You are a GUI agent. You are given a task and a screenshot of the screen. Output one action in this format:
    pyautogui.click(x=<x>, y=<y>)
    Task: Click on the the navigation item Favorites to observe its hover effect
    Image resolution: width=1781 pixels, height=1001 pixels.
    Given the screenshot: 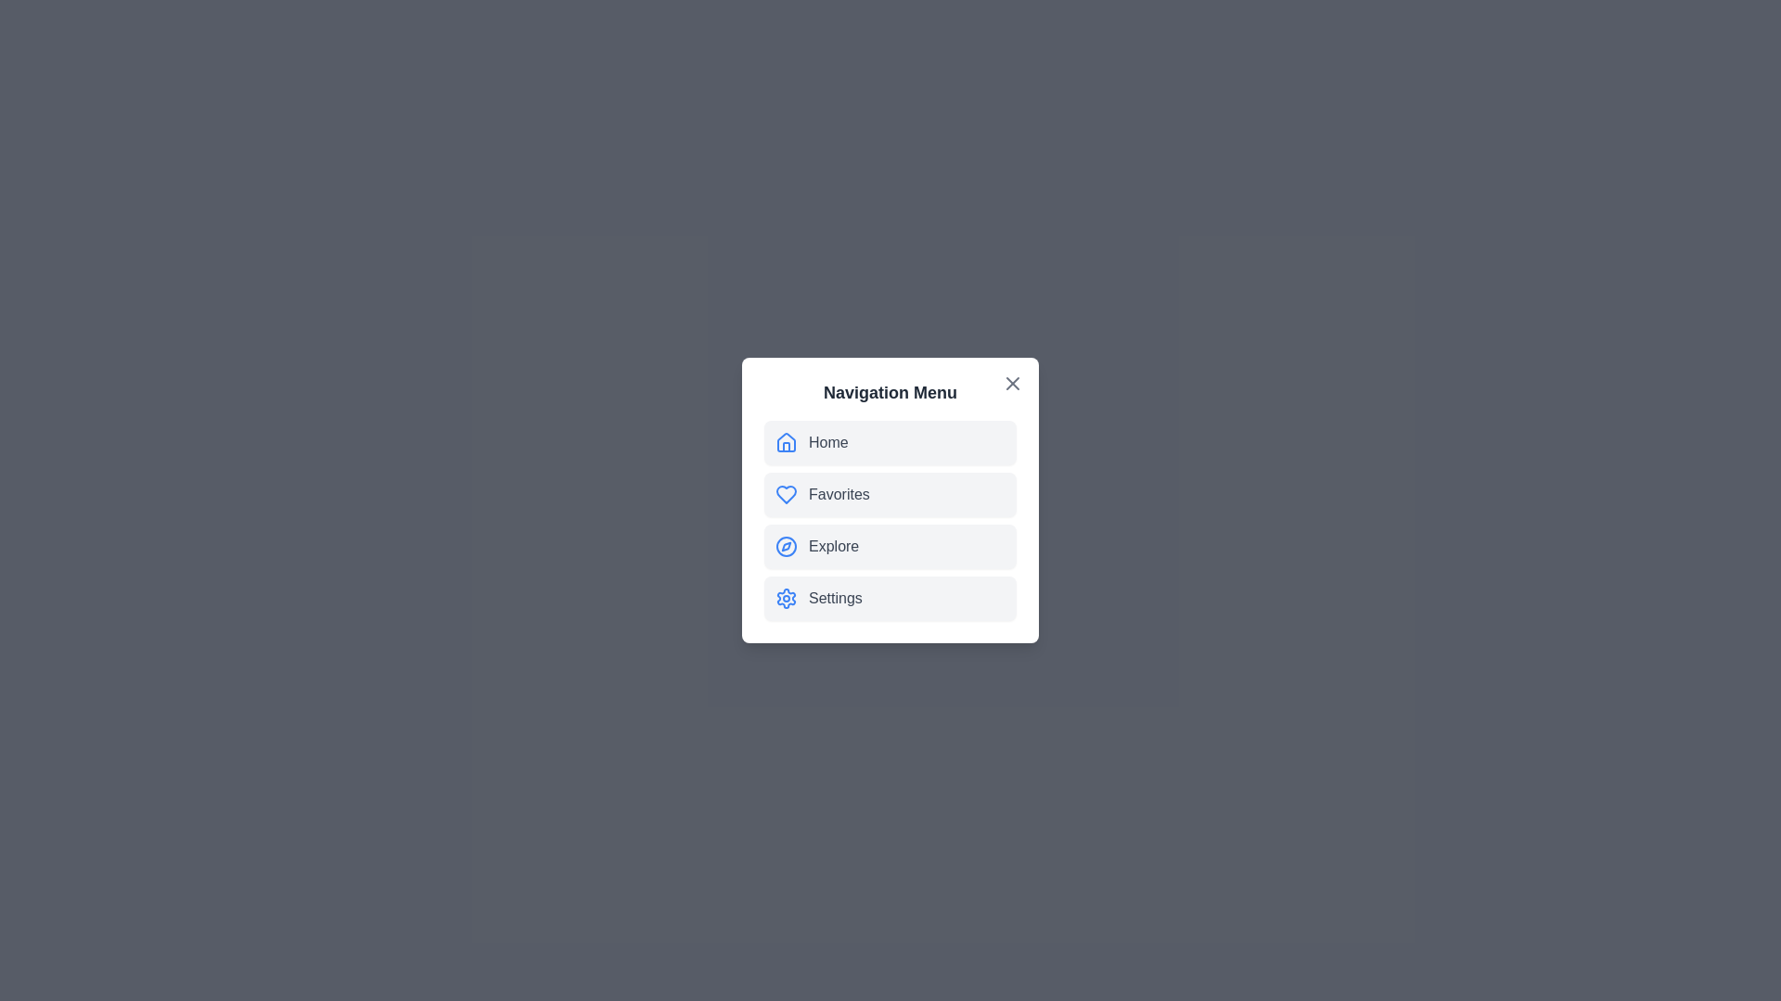 What is the action you would take?
    pyautogui.click(x=890, y=493)
    